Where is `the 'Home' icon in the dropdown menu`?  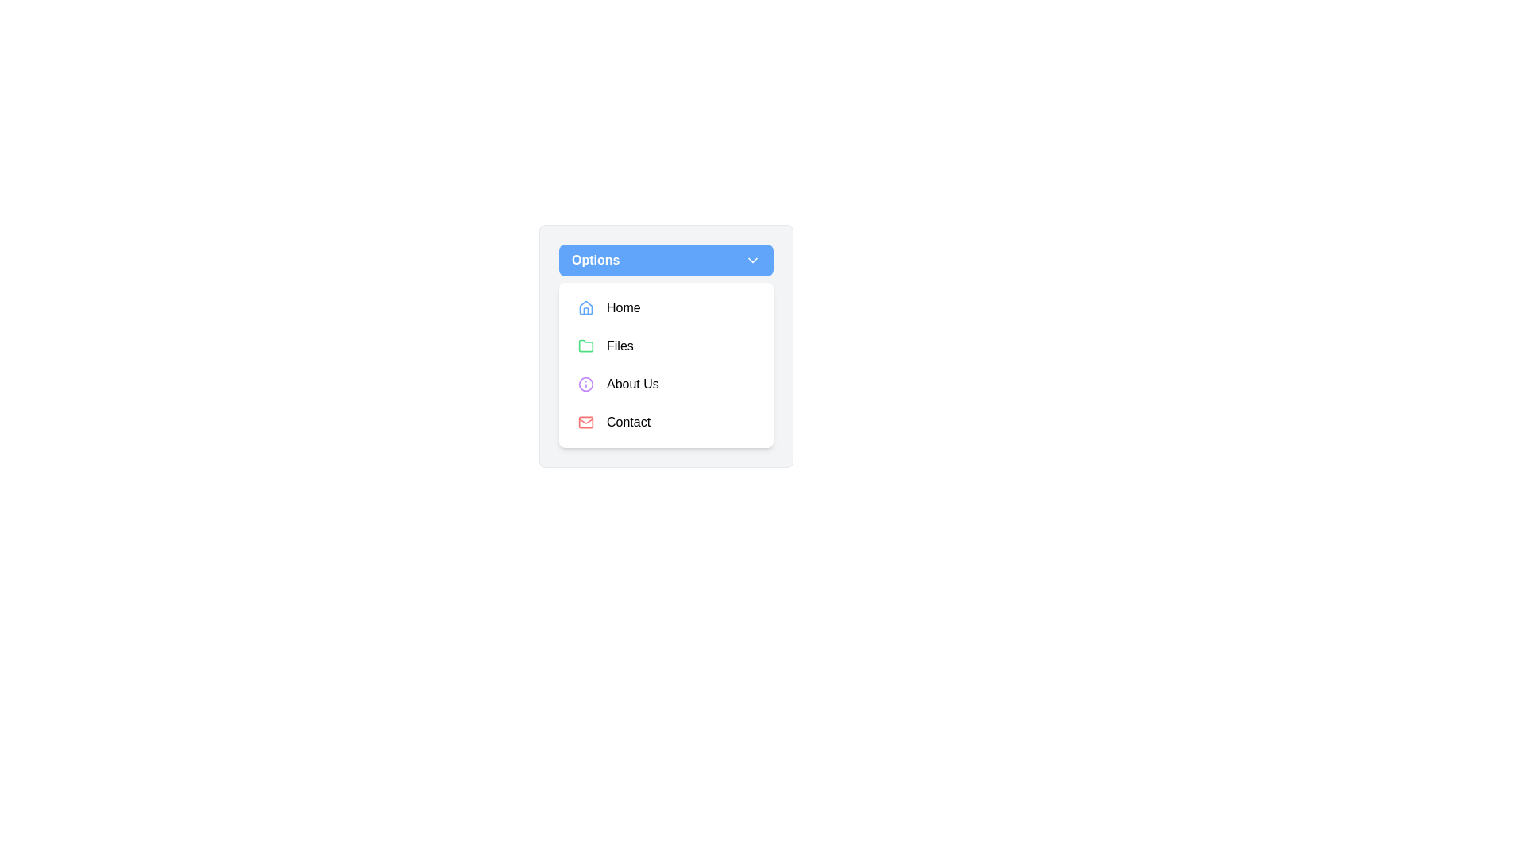 the 'Home' icon in the dropdown menu is located at coordinates (585, 307).